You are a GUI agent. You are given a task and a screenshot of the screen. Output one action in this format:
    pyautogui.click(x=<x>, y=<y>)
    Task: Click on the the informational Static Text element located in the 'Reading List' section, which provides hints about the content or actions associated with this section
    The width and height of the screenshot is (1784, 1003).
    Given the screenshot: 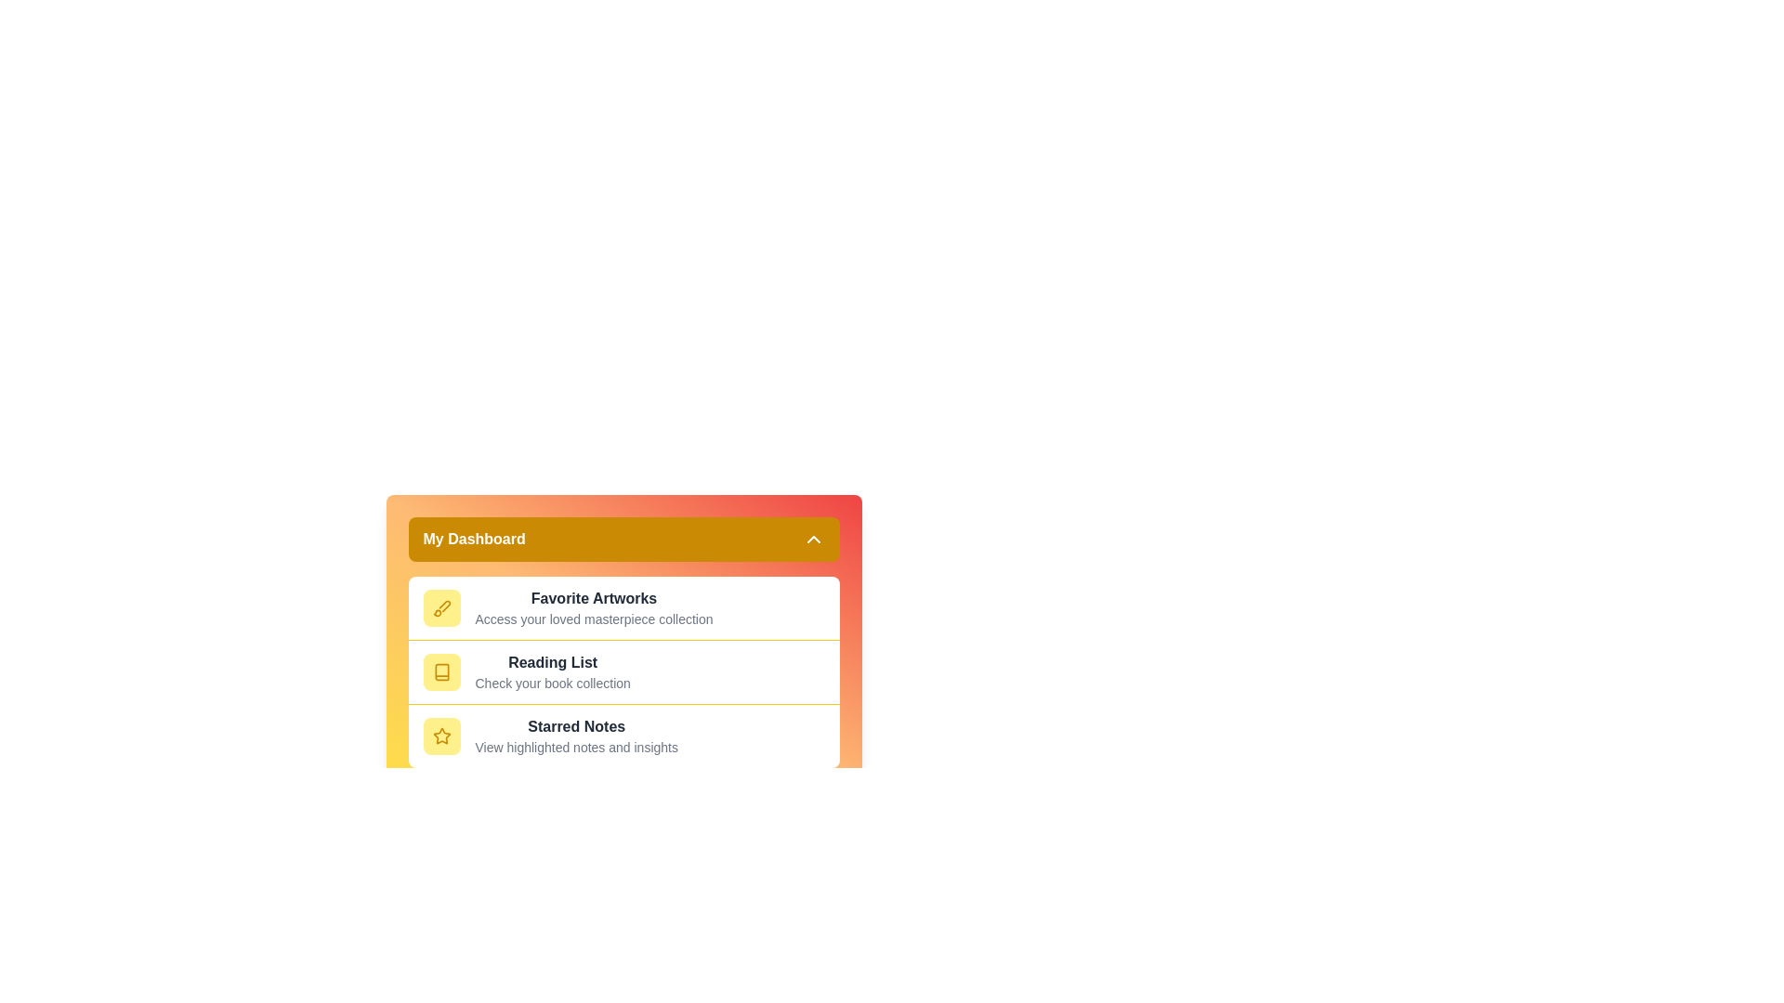 What is the action you would take?
    pyautogui.click(x=552, y=684)
    